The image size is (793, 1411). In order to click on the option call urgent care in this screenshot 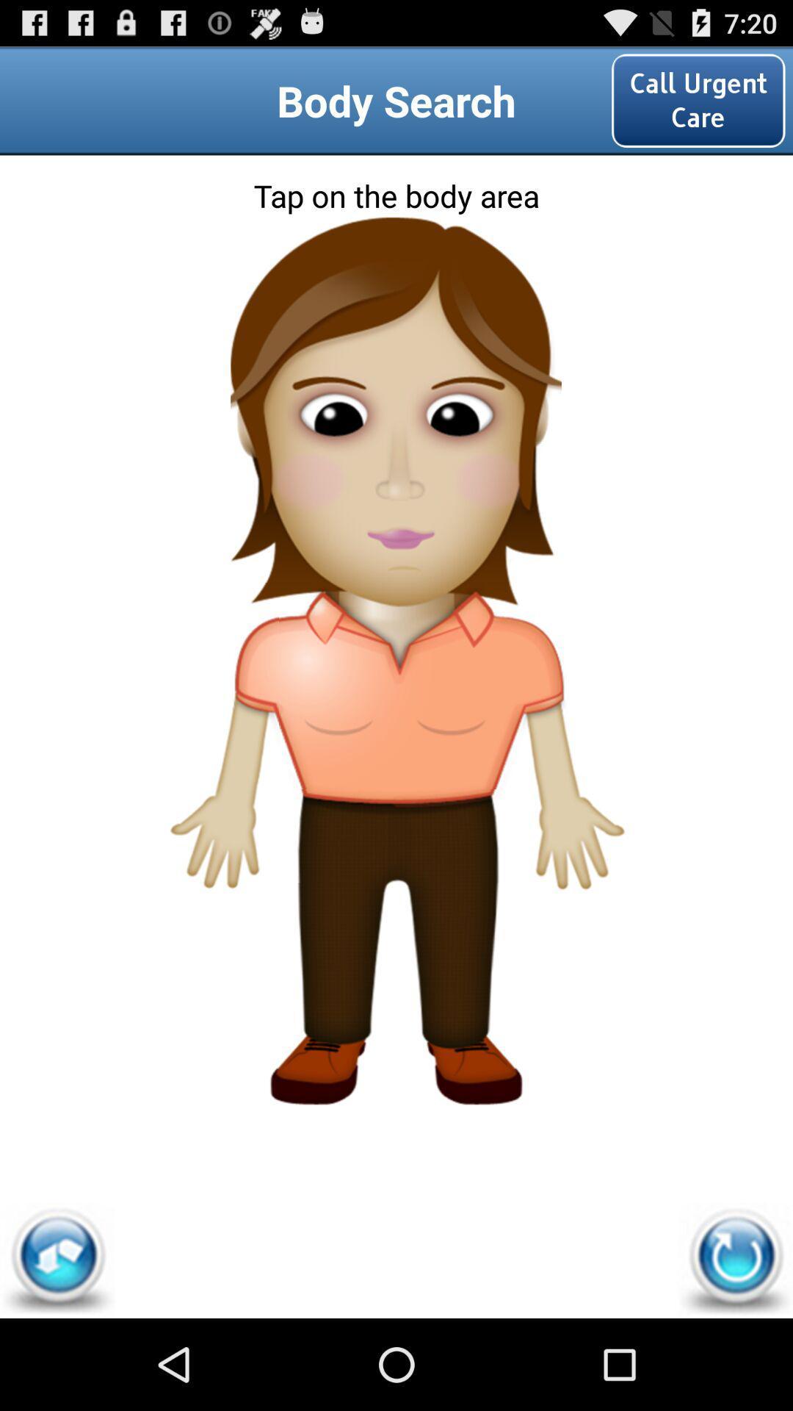, I will do `click(698, 100)`.